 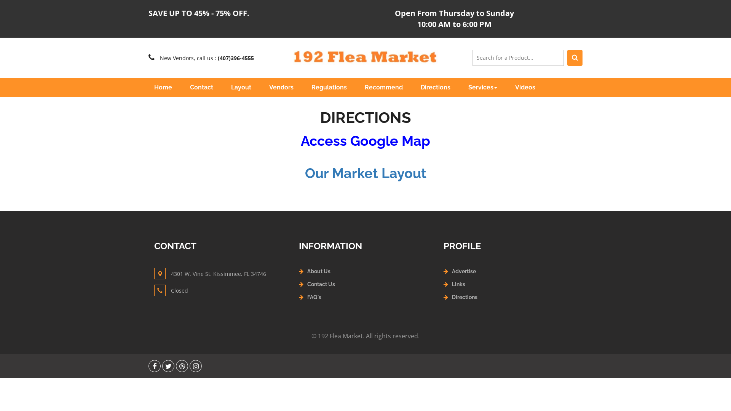 I want to click on 'Contact Us', so click(x=321, y=284).